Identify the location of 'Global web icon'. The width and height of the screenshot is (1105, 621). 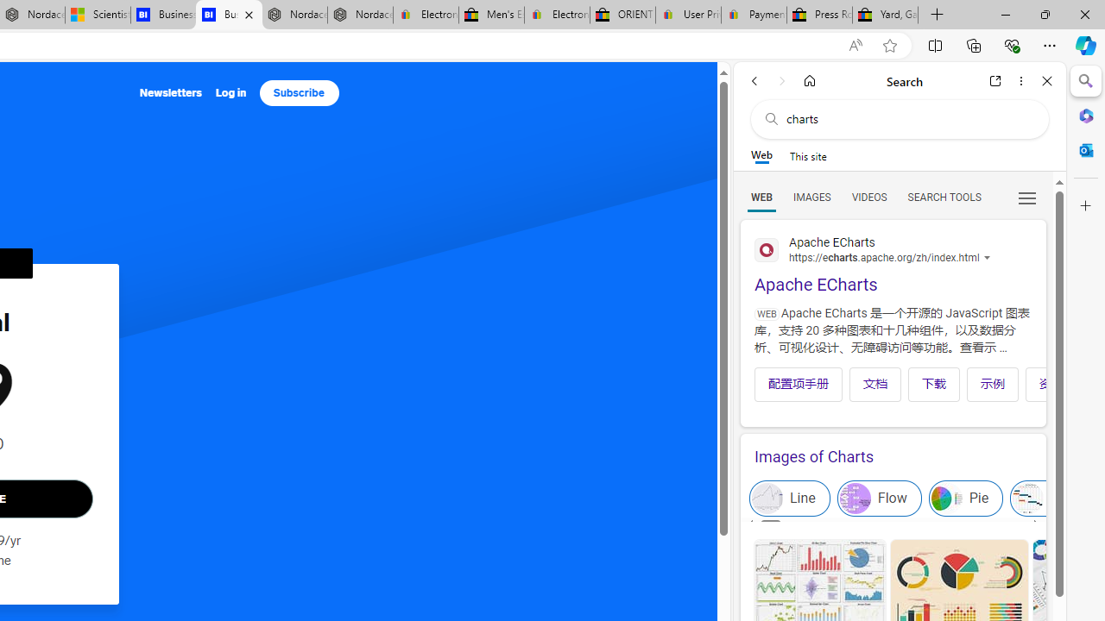
(766, 250).